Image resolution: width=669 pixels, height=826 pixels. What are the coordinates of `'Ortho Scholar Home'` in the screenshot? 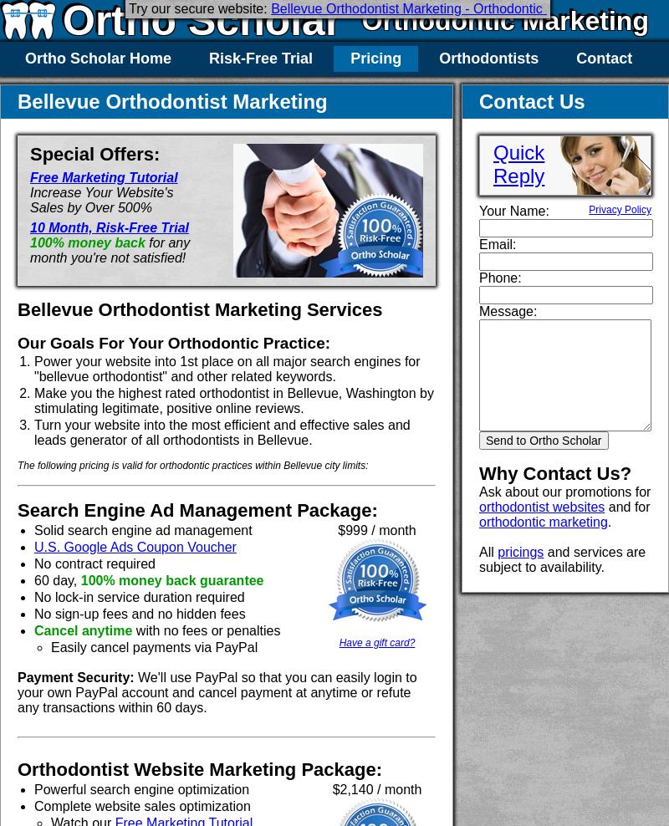 It's located at (97, 59).